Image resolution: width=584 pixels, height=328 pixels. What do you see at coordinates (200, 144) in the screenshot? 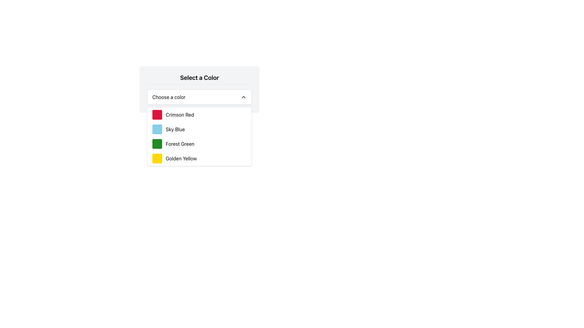
I see `the third item in the dropdown menu labeled 'Forest Green'` at bounding box center [200, 144].